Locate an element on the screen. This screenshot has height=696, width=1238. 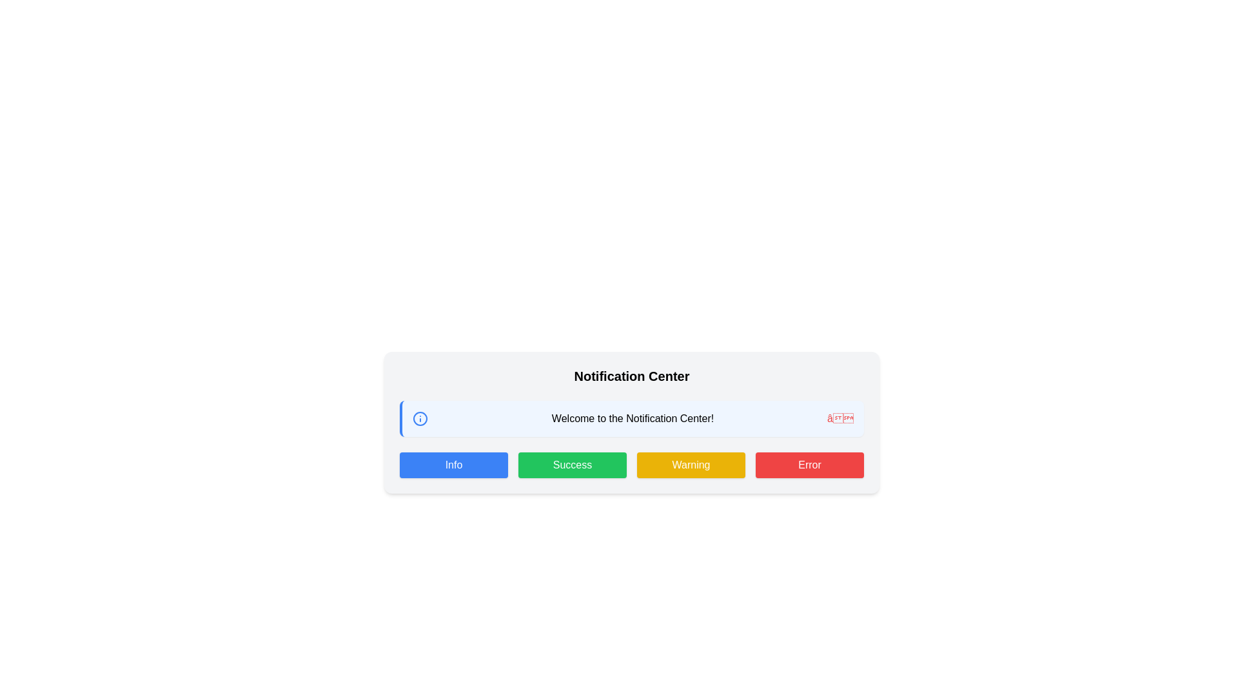
the SVG graphical element that serves as an information or attention point, located in the top-left corner of the light blue section inside the 'Notification Center' card is located at coordinates (420, 419).